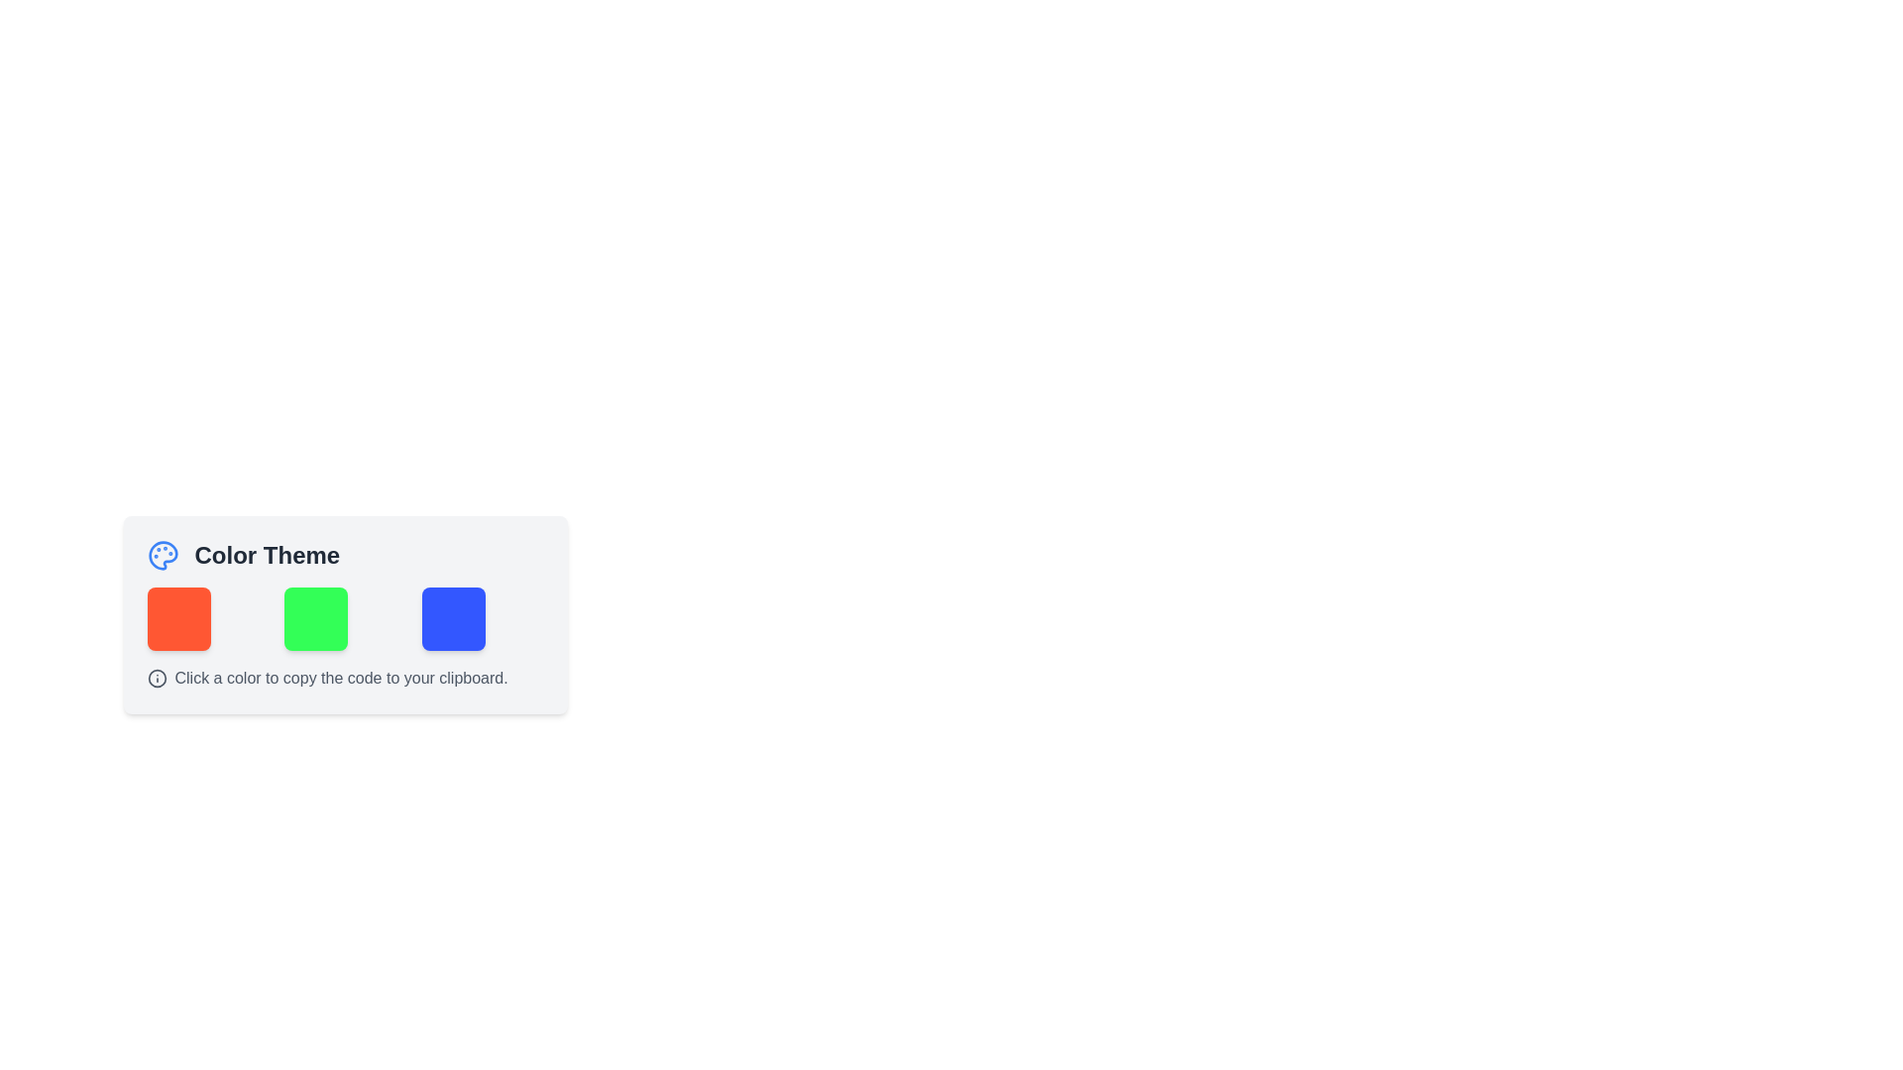 The image size is (1903, 1070). Describe the element at coordinates (178, 617) in the screenshot. I see `the Color box located in the first column of a three-item grid layout, positioned far-left next to green and blue color options` at that location.